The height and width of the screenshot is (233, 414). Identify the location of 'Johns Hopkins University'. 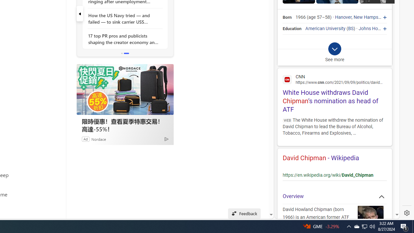
(384, 28).